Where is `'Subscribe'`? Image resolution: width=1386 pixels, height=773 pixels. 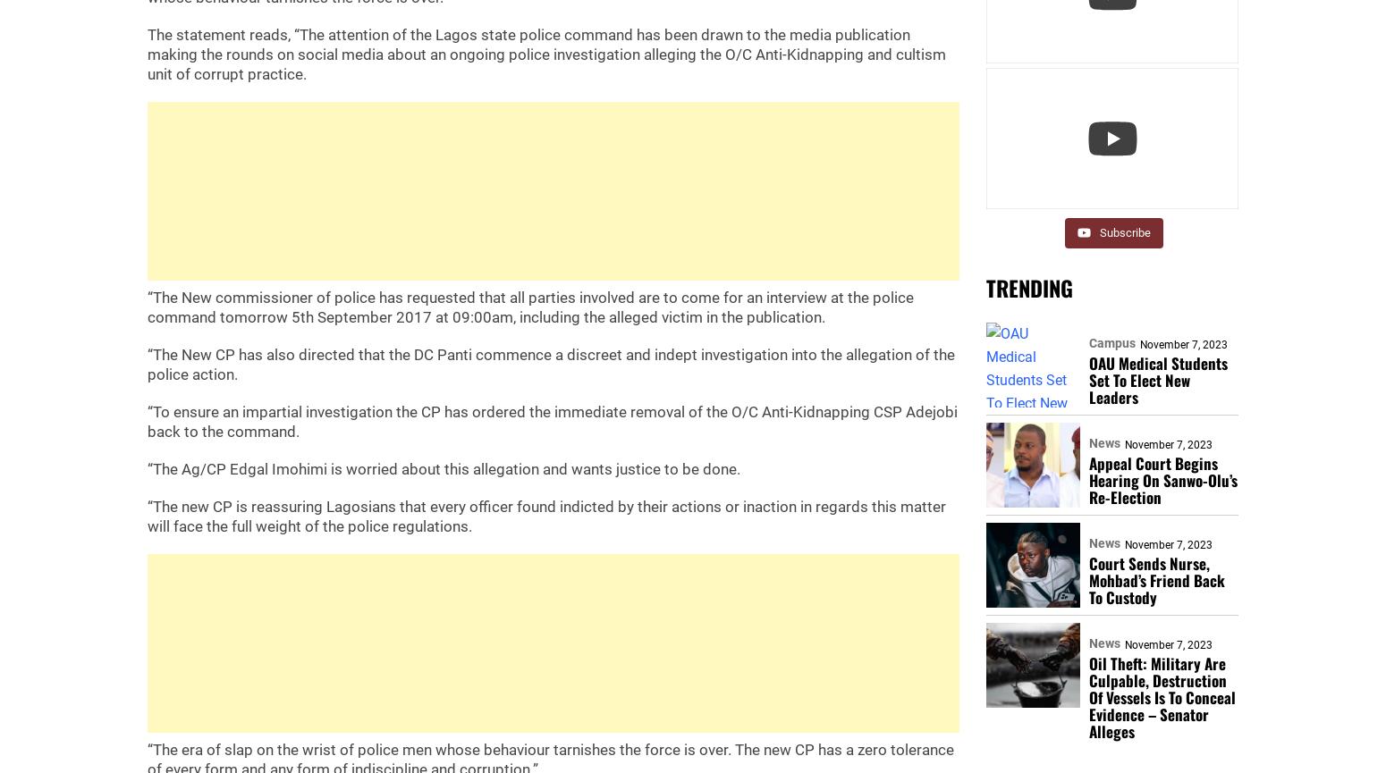 'Subscribe' is located at coordinates (1124, 231).